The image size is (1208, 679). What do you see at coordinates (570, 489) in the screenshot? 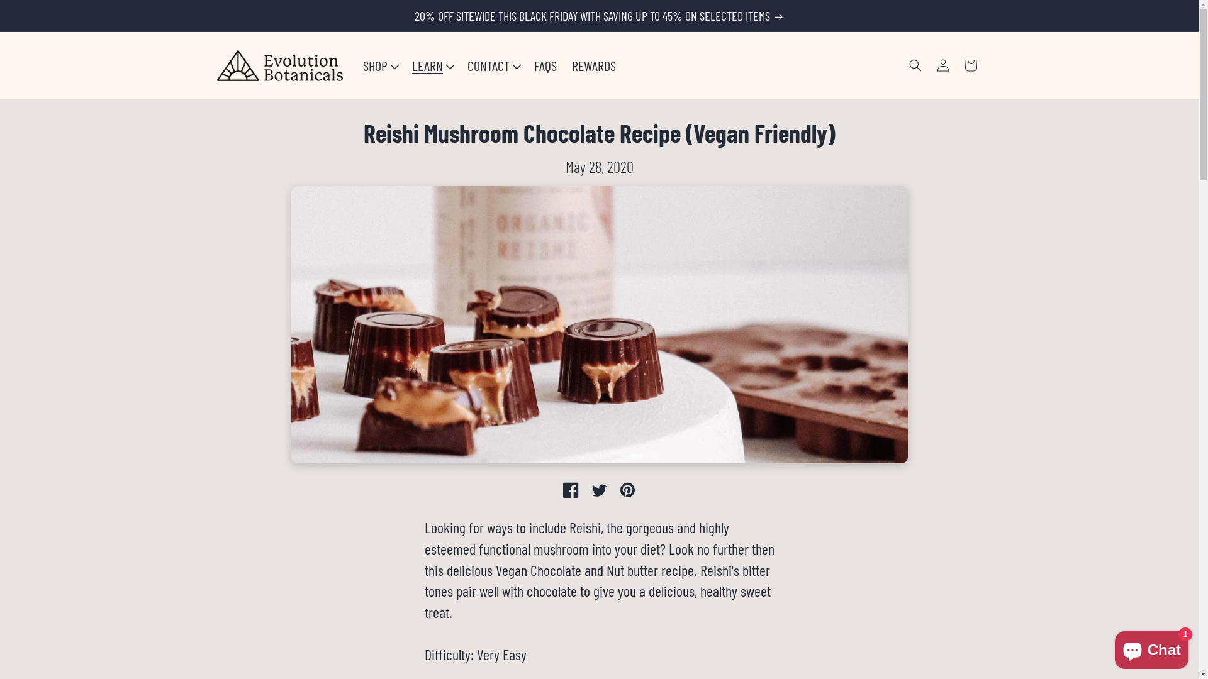
I see `'Facebook'` at bounding box center [570, 489].